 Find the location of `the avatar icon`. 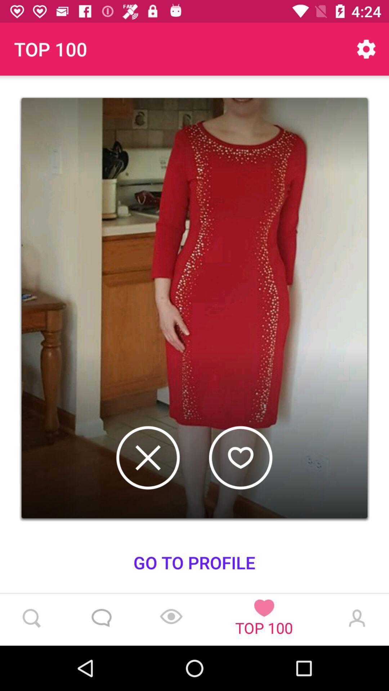

the avatar icon is located at coordinates (355, 619).